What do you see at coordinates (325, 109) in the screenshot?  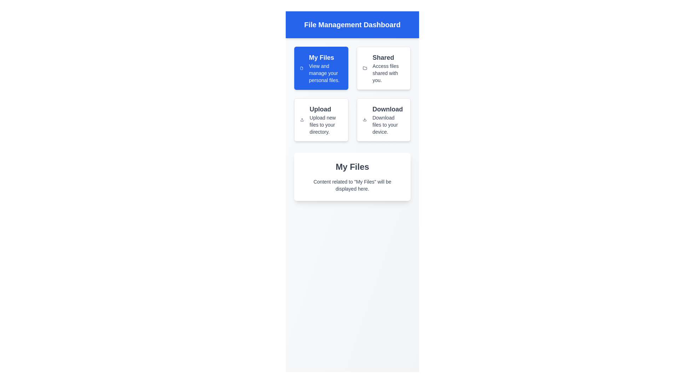 I see `the Text Label that serves as a title for the file uploading functionality, located in the second row, left column of a grid layout, above the description 'Upload new files to your directory.'` at bounding box center [325, 109].